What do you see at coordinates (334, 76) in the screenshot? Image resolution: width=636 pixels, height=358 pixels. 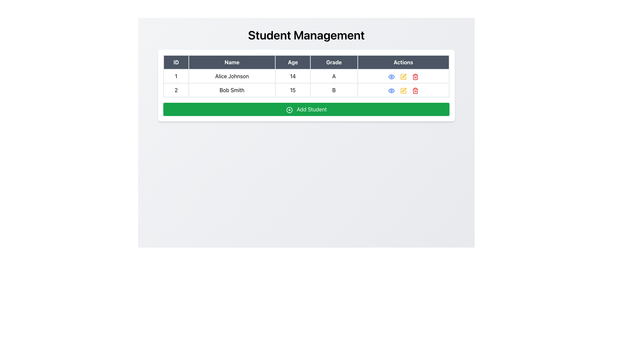 I see `the table cell displaying the grade of the student 'Alice Johnson', which is located in the first row under the 'Grade' column` at bounding box center [334, 76].